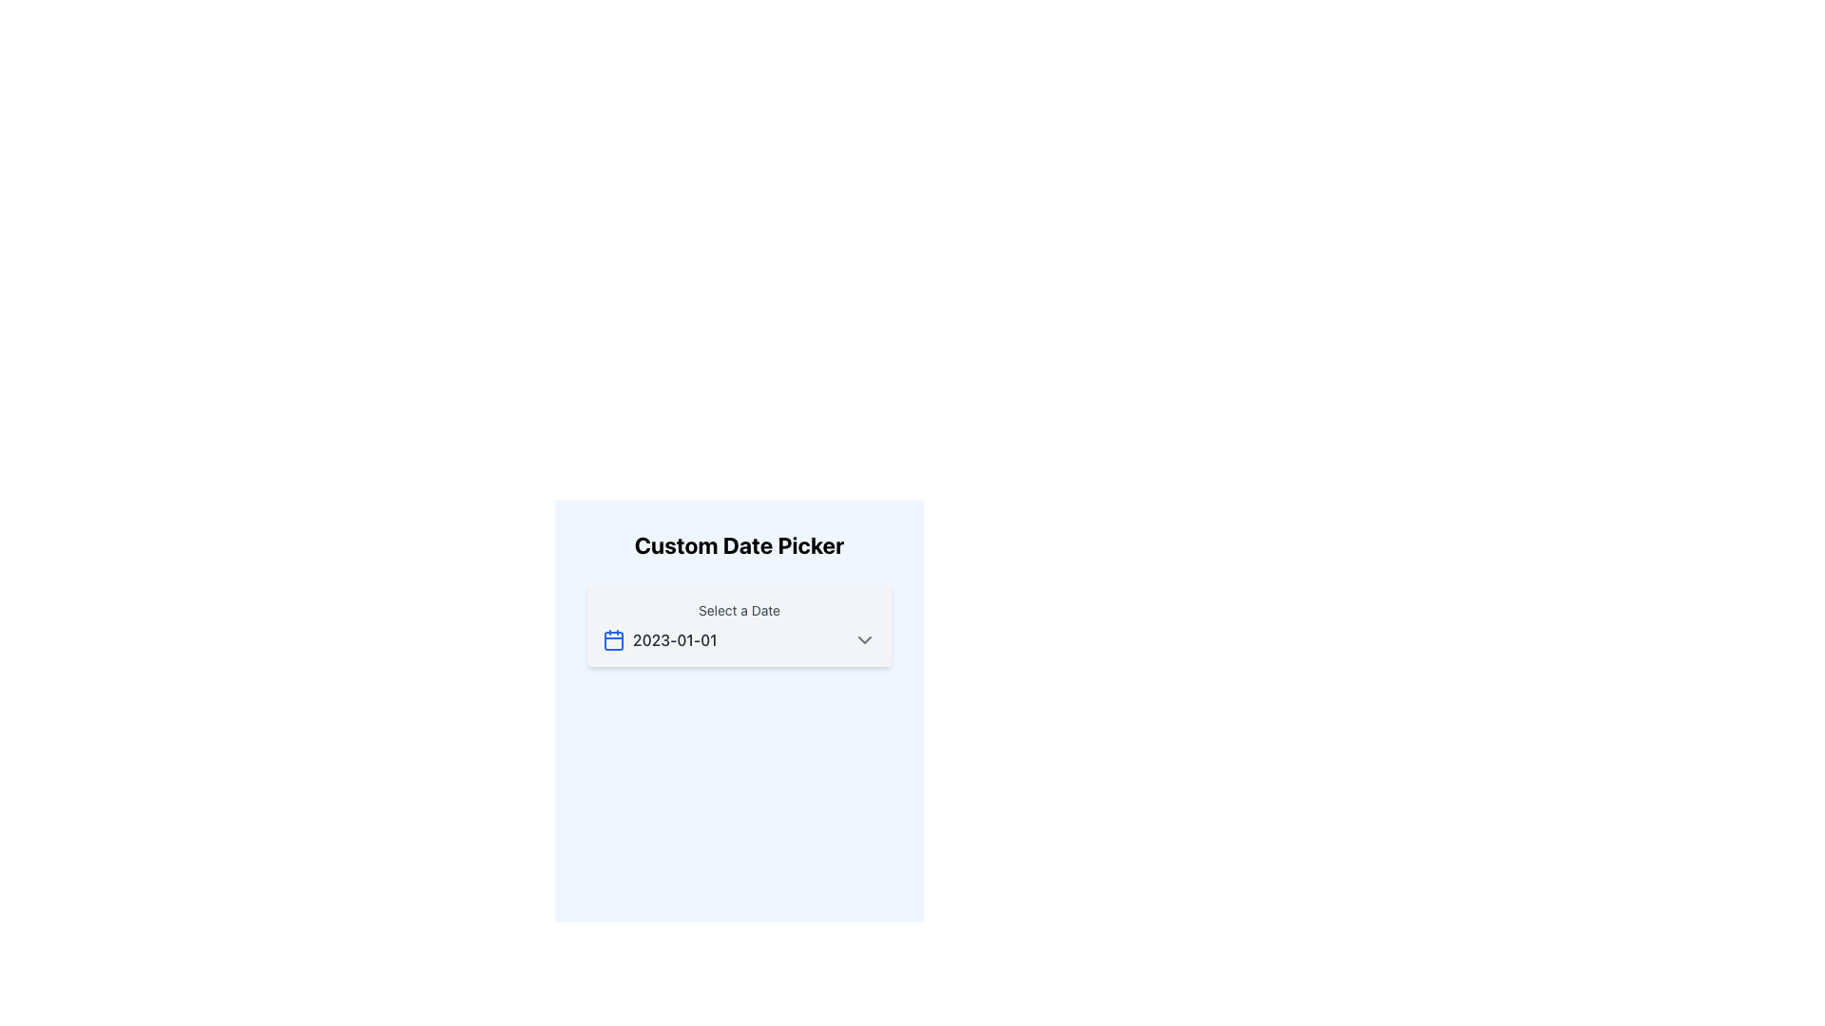 The width and height of the screenshot is (1825, 1026). Describe the element at coordinates (738, 640) in the screenshot. I see `the clickable date-selection row displaying the date '2023-01-01'` at that location.